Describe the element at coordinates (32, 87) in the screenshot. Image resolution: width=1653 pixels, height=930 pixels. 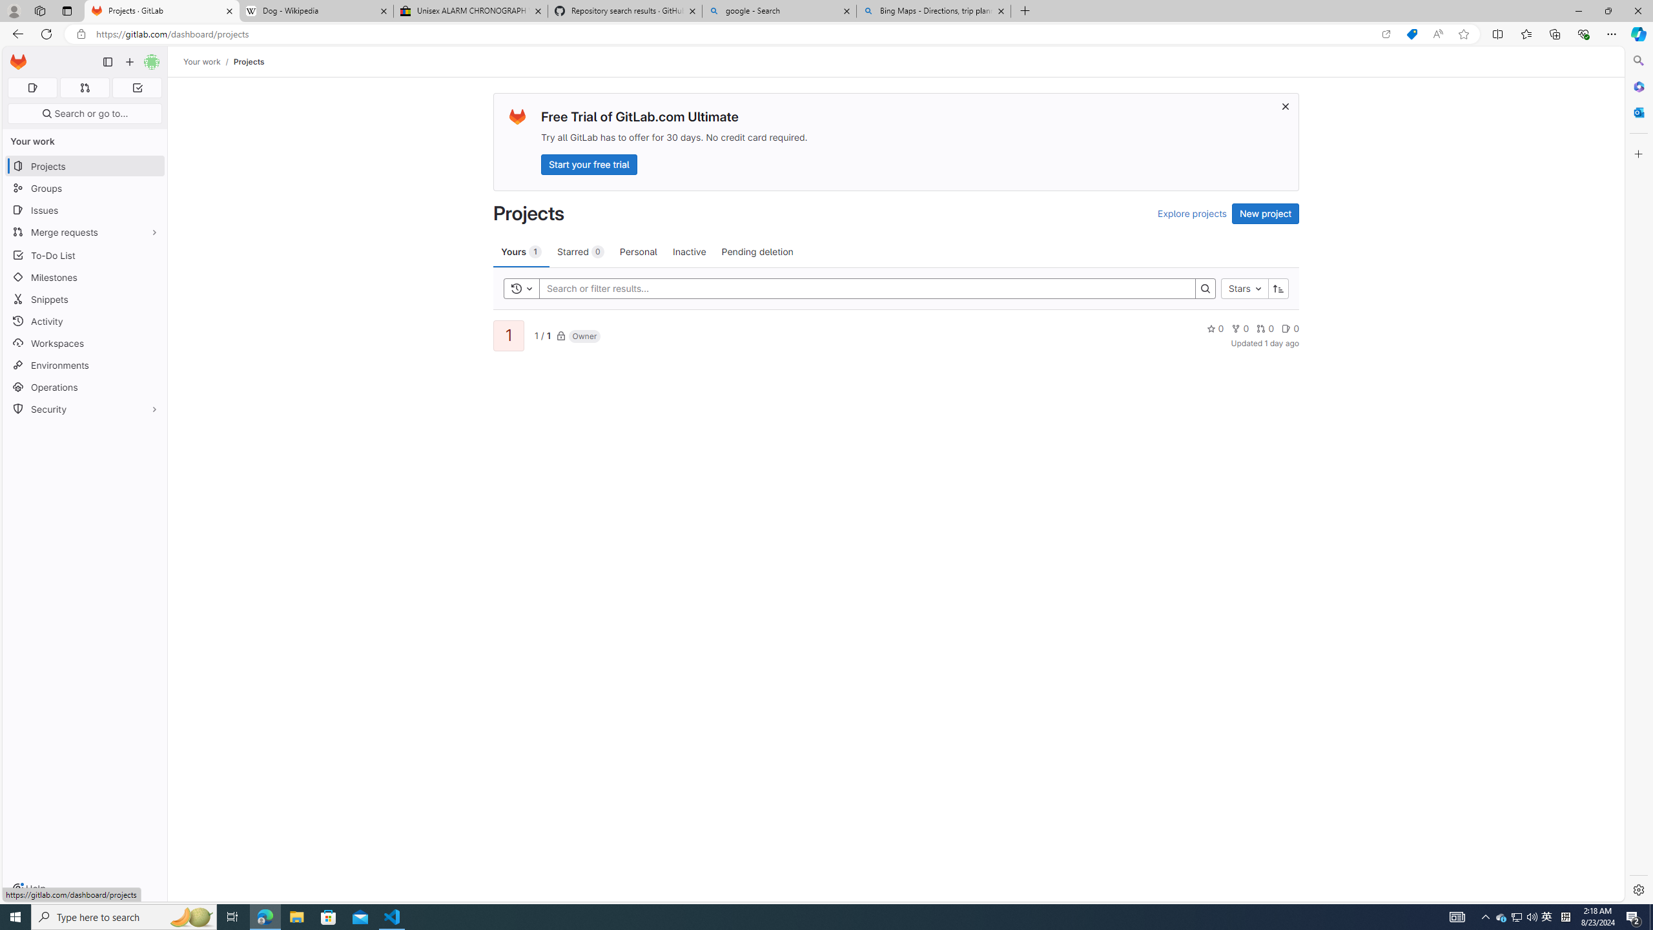
I see `'Assigned issues 0'` at that location.